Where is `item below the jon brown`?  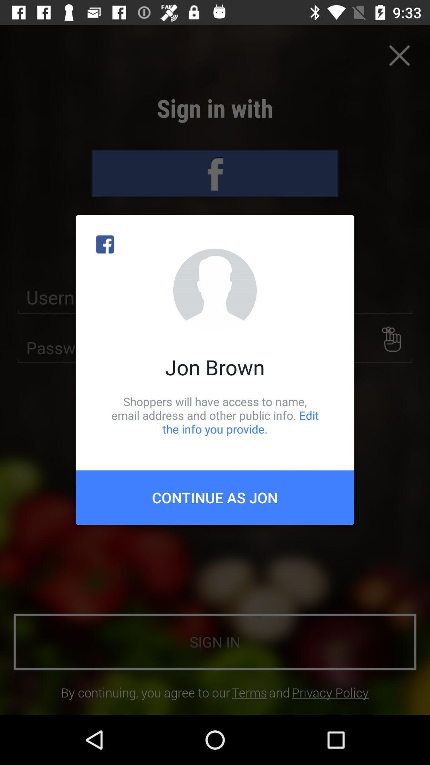 item below the jon brown is located at coordinates (215, 415).